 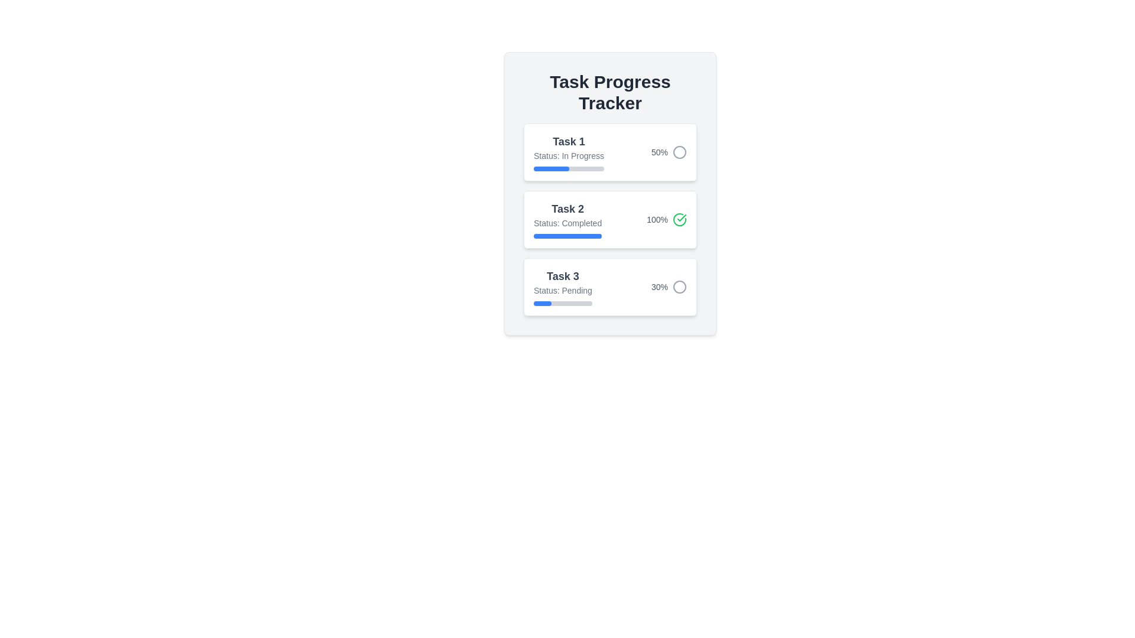 What do you see at coordinates (610, 92) in the screenshot?
I see `the Header element at the top-center of the interface that indicates the purpose of the content below, which tracks tasks' progress` at bounding box center [610, 92].